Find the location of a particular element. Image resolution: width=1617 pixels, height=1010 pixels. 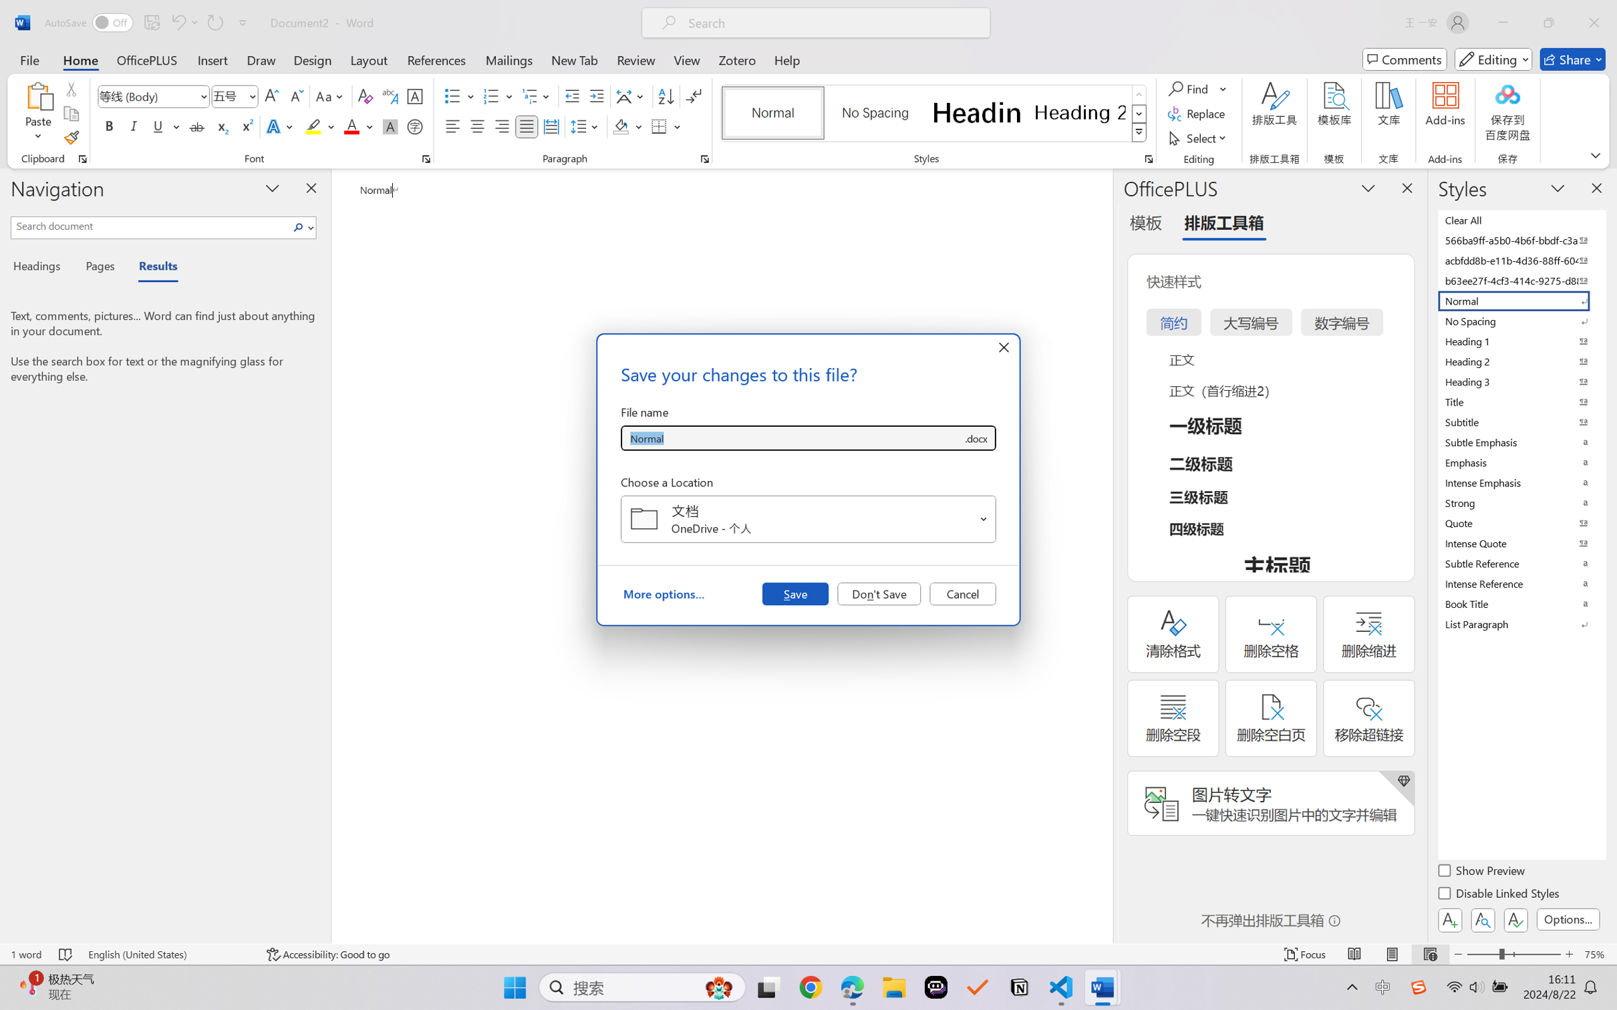

'Subtitle' is located at coordinates (1520, 422).